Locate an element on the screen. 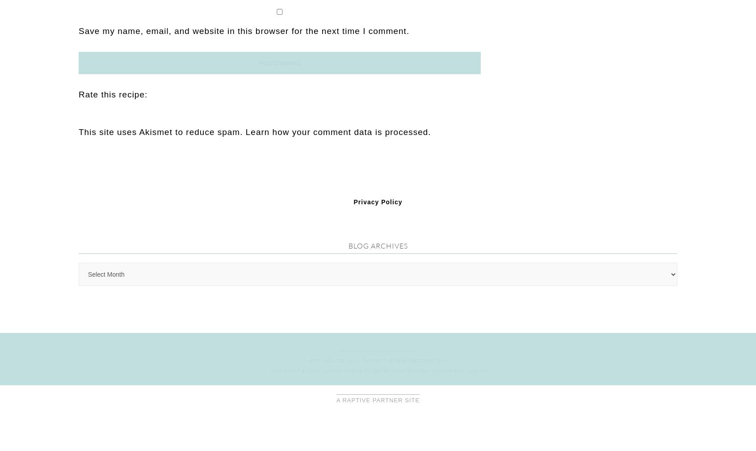 This screenshot has height=451, width=756. 'Genesis Framework' is located at coordinates (373, 171).